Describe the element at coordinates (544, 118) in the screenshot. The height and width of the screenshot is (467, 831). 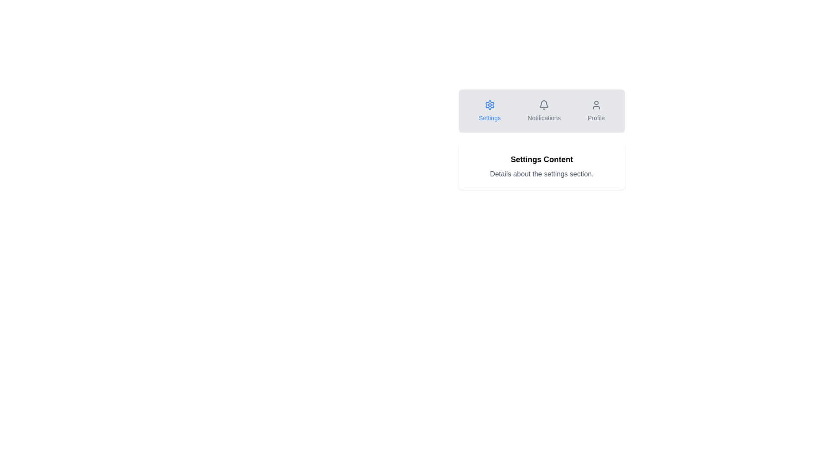
I see `the Text Label located in the top navigation bar` at that location.